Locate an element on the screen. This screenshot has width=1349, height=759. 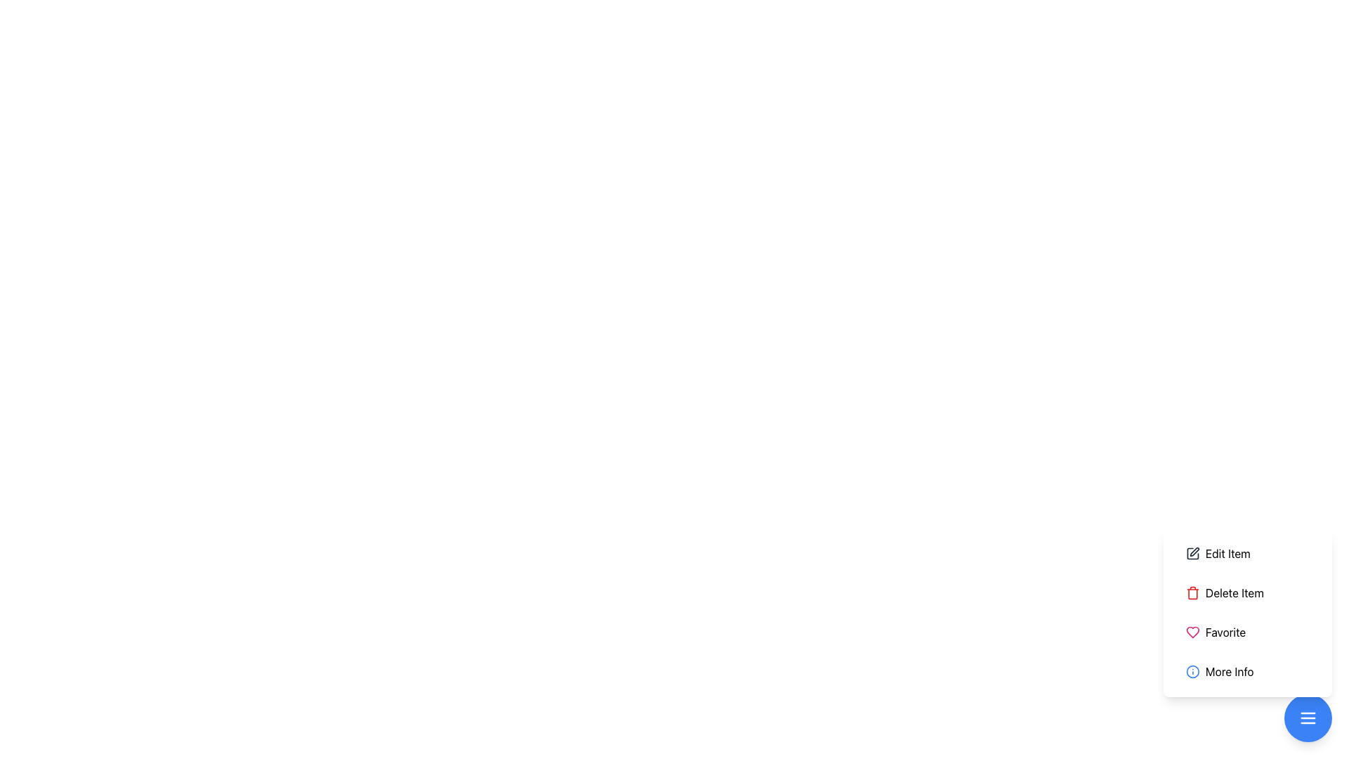
the first list item labeled 'Edit Item' with a pen icon is located at coordinates (1248, 552).